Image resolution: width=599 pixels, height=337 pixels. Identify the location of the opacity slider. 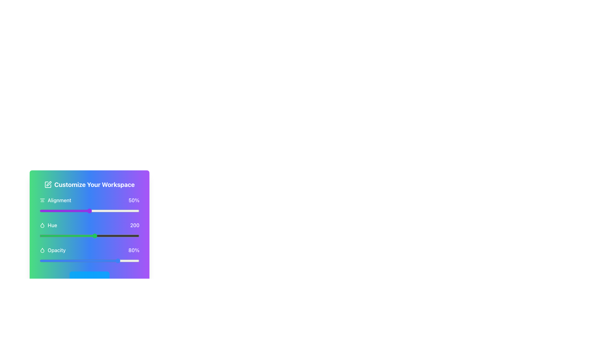
(128, 261).